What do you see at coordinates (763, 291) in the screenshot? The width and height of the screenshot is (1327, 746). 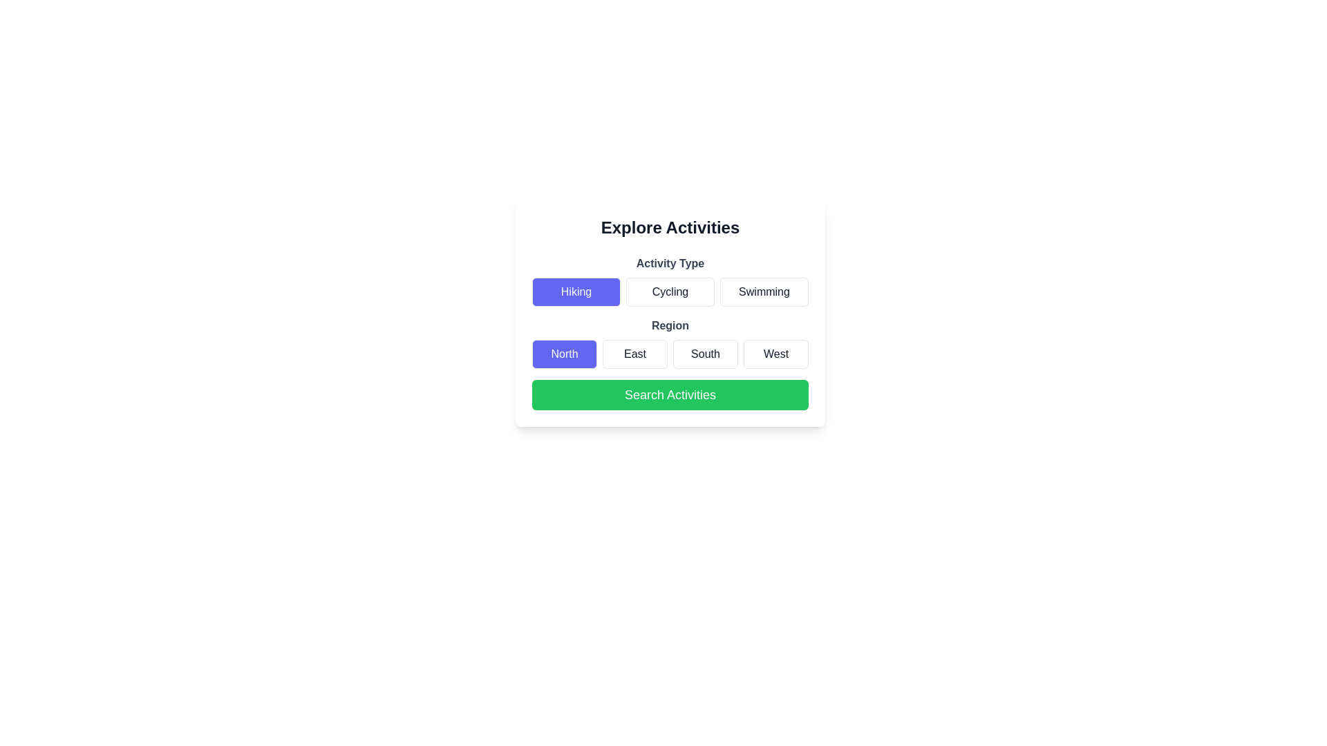 I see `the 'Swimming' button located in the grid layout below the 'Explore Activities' heading to trigger hover effects` at bounding box center [763, 291].